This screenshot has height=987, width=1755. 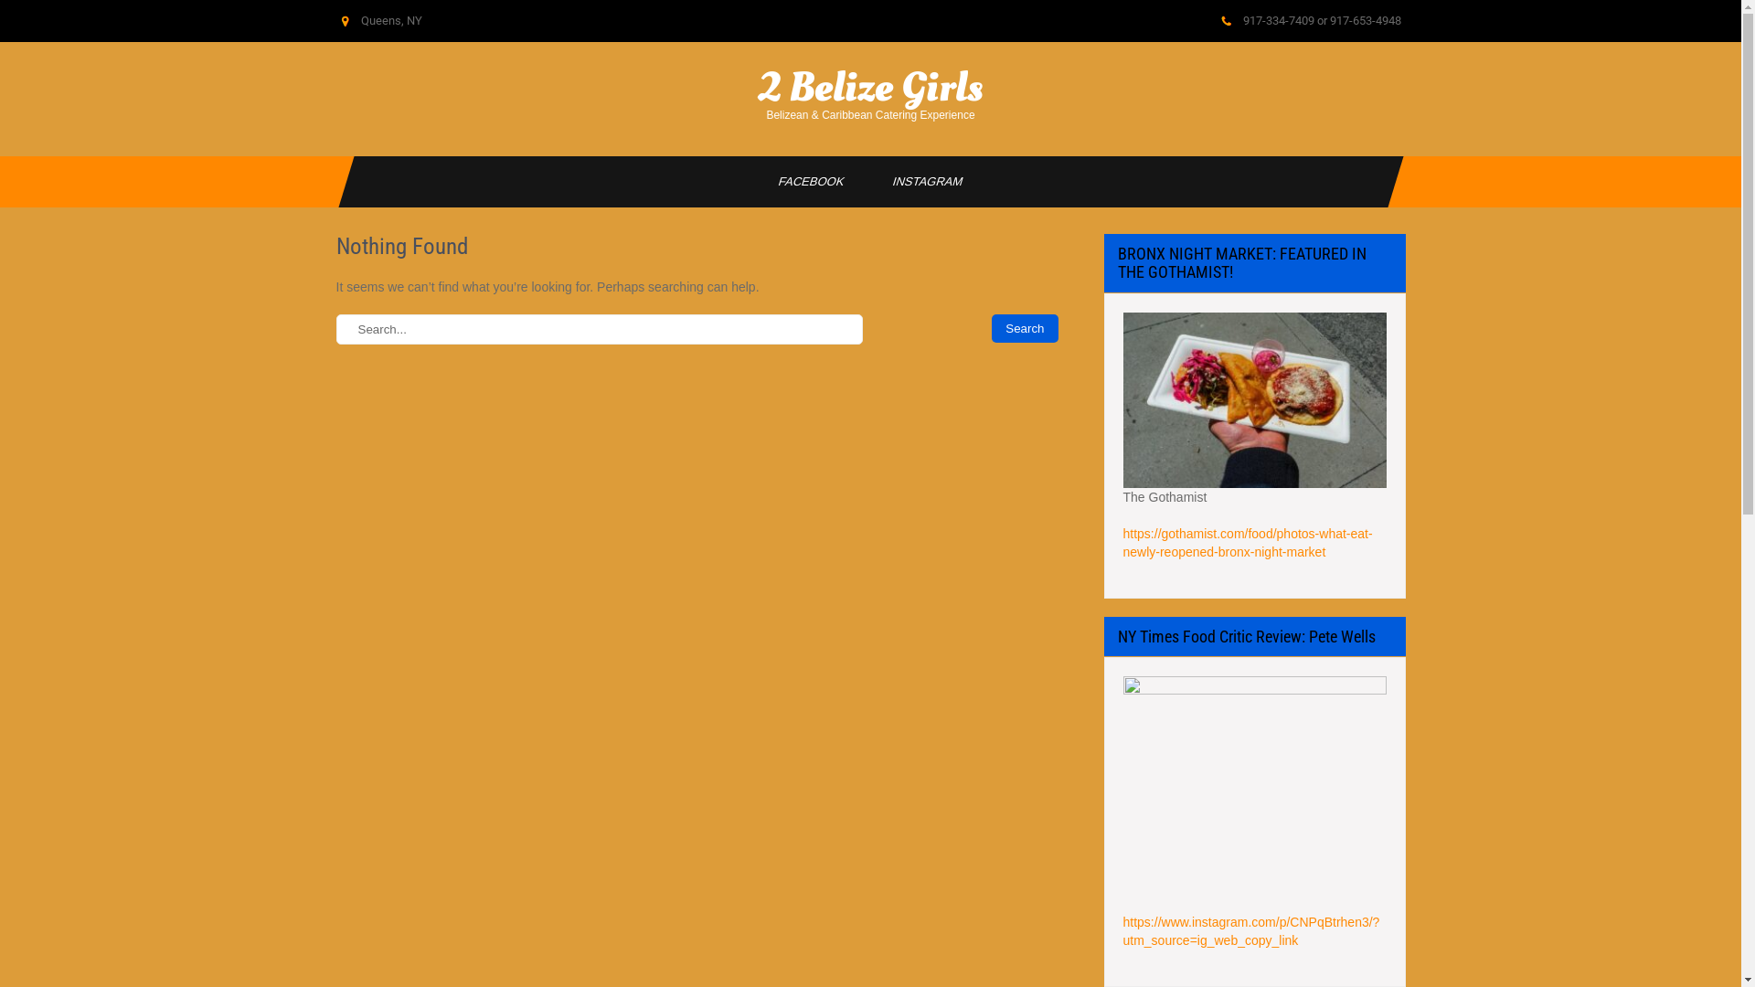 I want to click on 'FACEBOOK', so click(x=747, y=182).